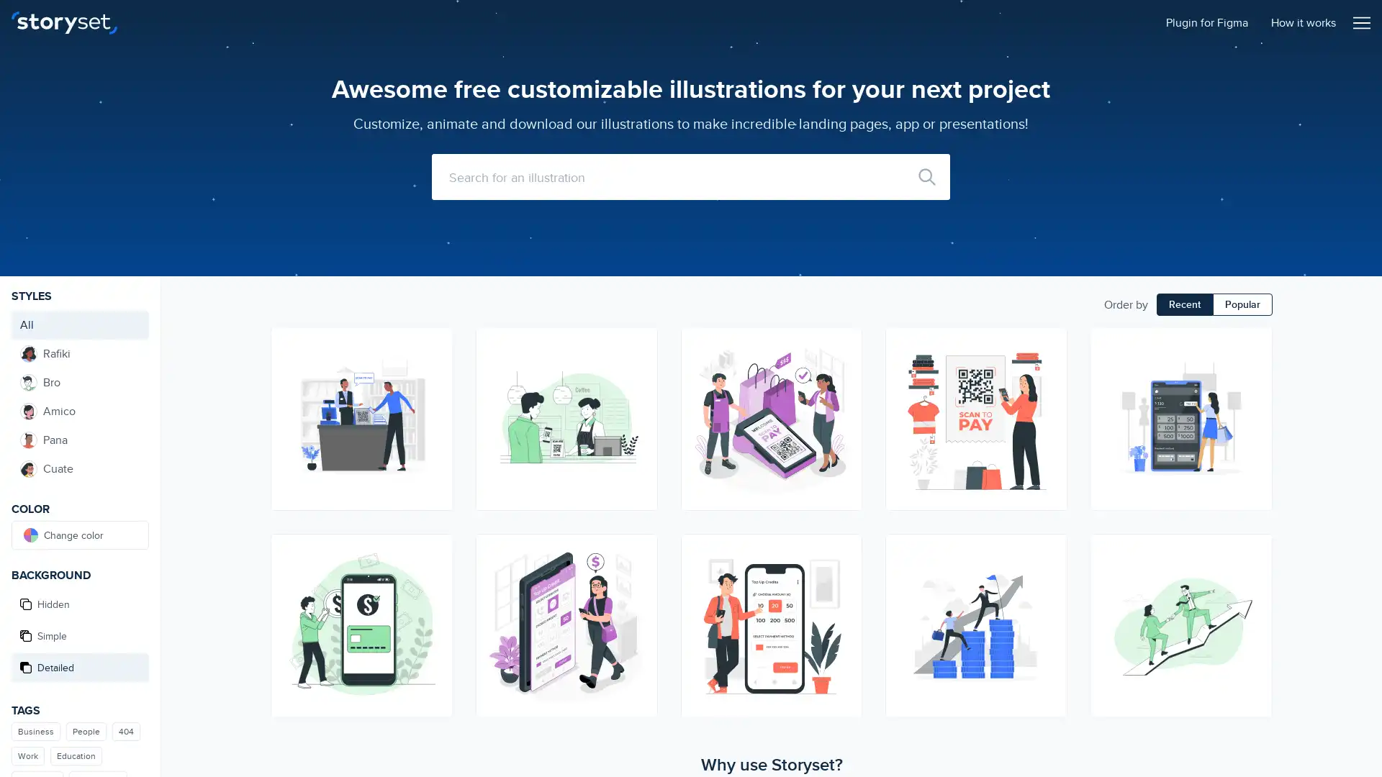  What do you see at coordinates (1049, 602) in the screenshot?
I see `Pinterest icon Save` at bounding box center [1049, 602].